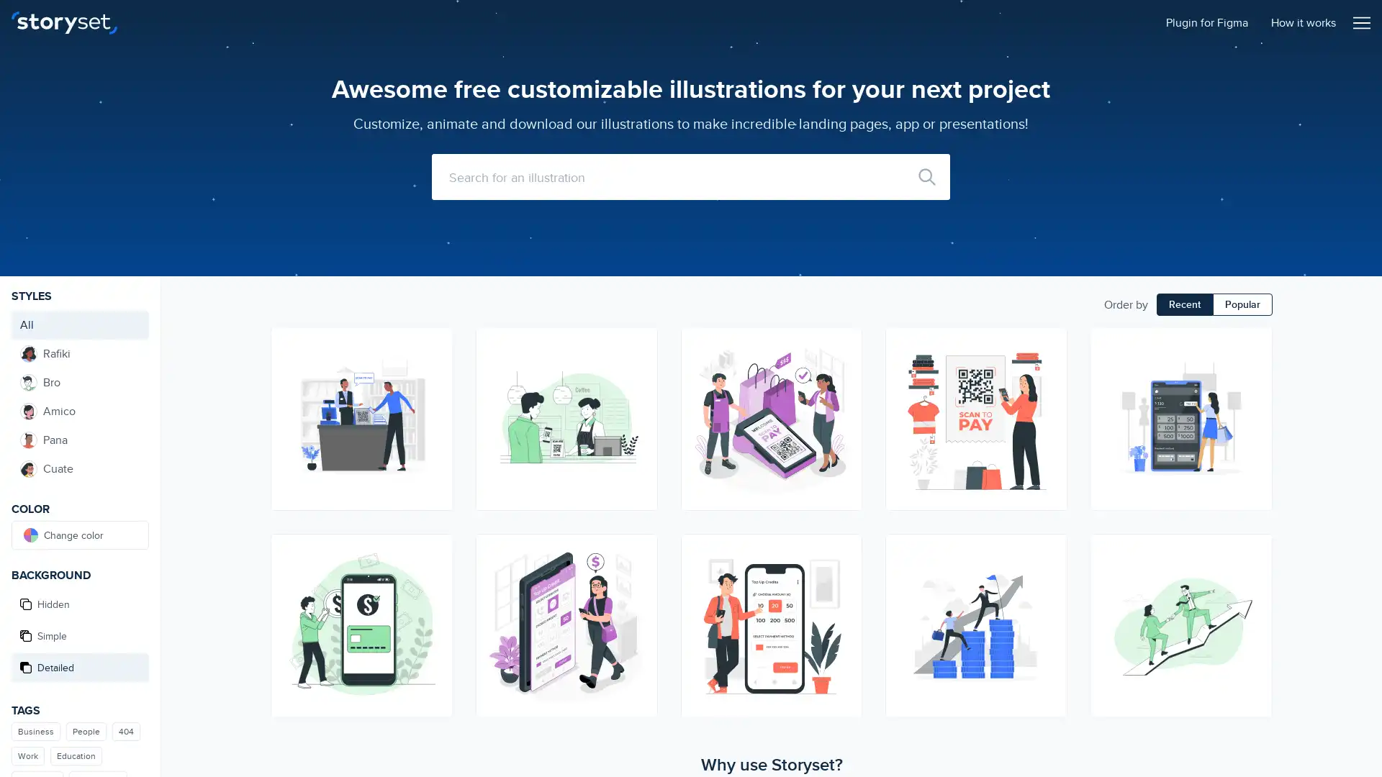  What do you see at coordinates (1049, 602) in the screenshot?
I see `Pinterest icon Save` at bounding box center [1049, 602].